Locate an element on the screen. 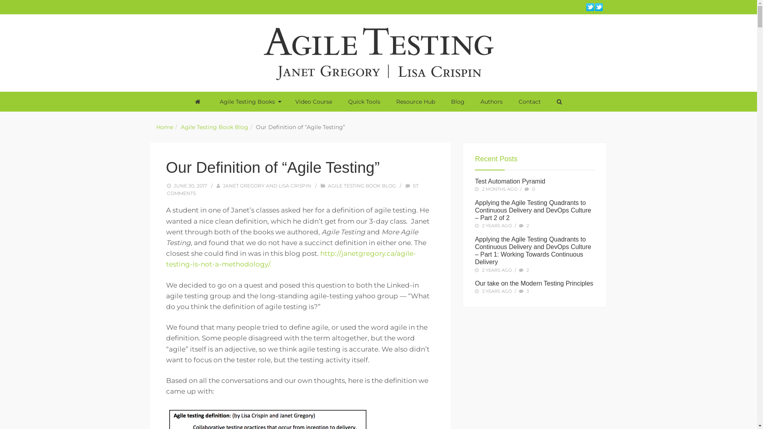  'Twitter | Janet Gregory' is located at coordinates (598, 7).